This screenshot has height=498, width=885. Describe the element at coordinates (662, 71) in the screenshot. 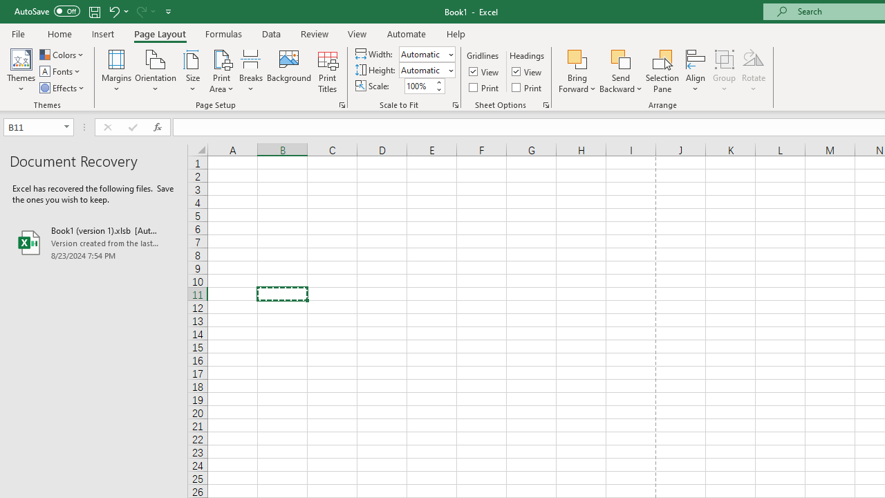

I see `'Selection Pane...'` at that location.